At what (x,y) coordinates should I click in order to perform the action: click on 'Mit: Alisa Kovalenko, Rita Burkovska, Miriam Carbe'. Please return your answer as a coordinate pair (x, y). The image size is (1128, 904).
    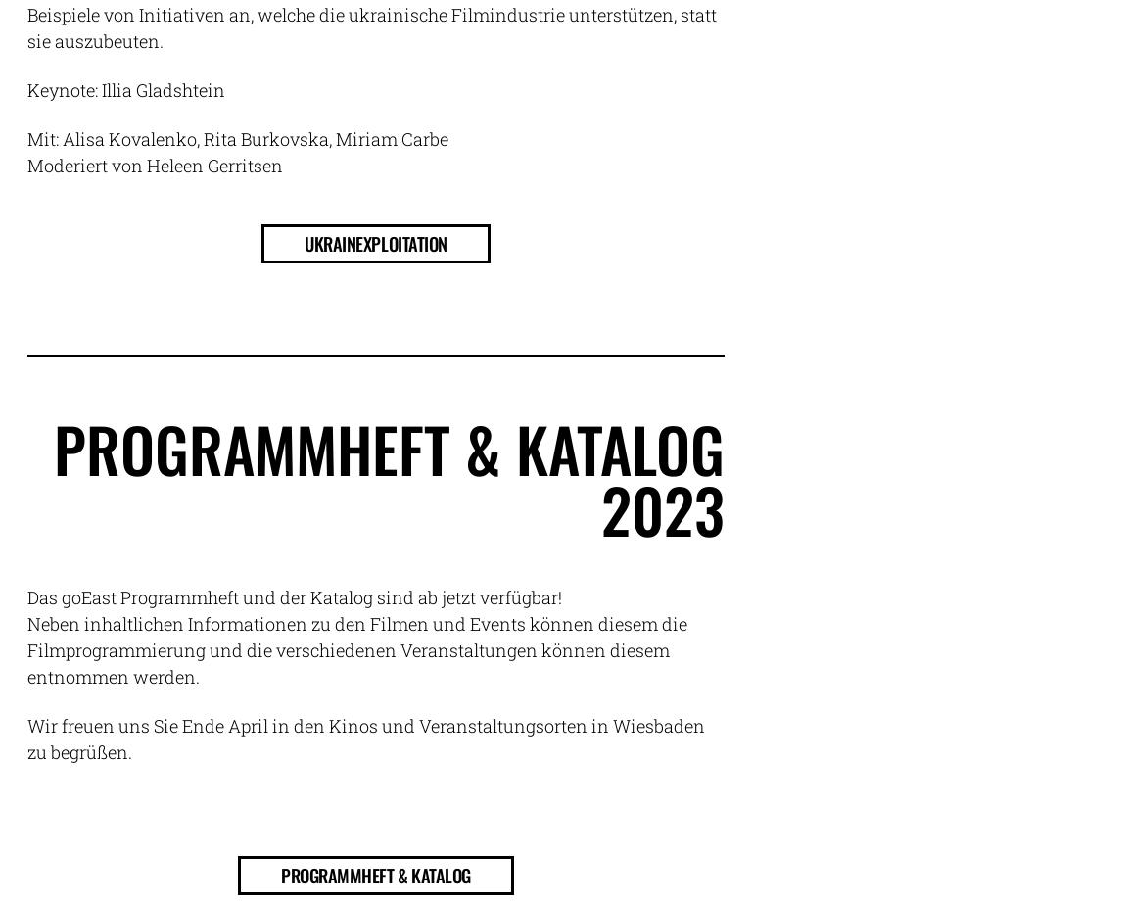
    Looking at the image, I should click on (25, 138).